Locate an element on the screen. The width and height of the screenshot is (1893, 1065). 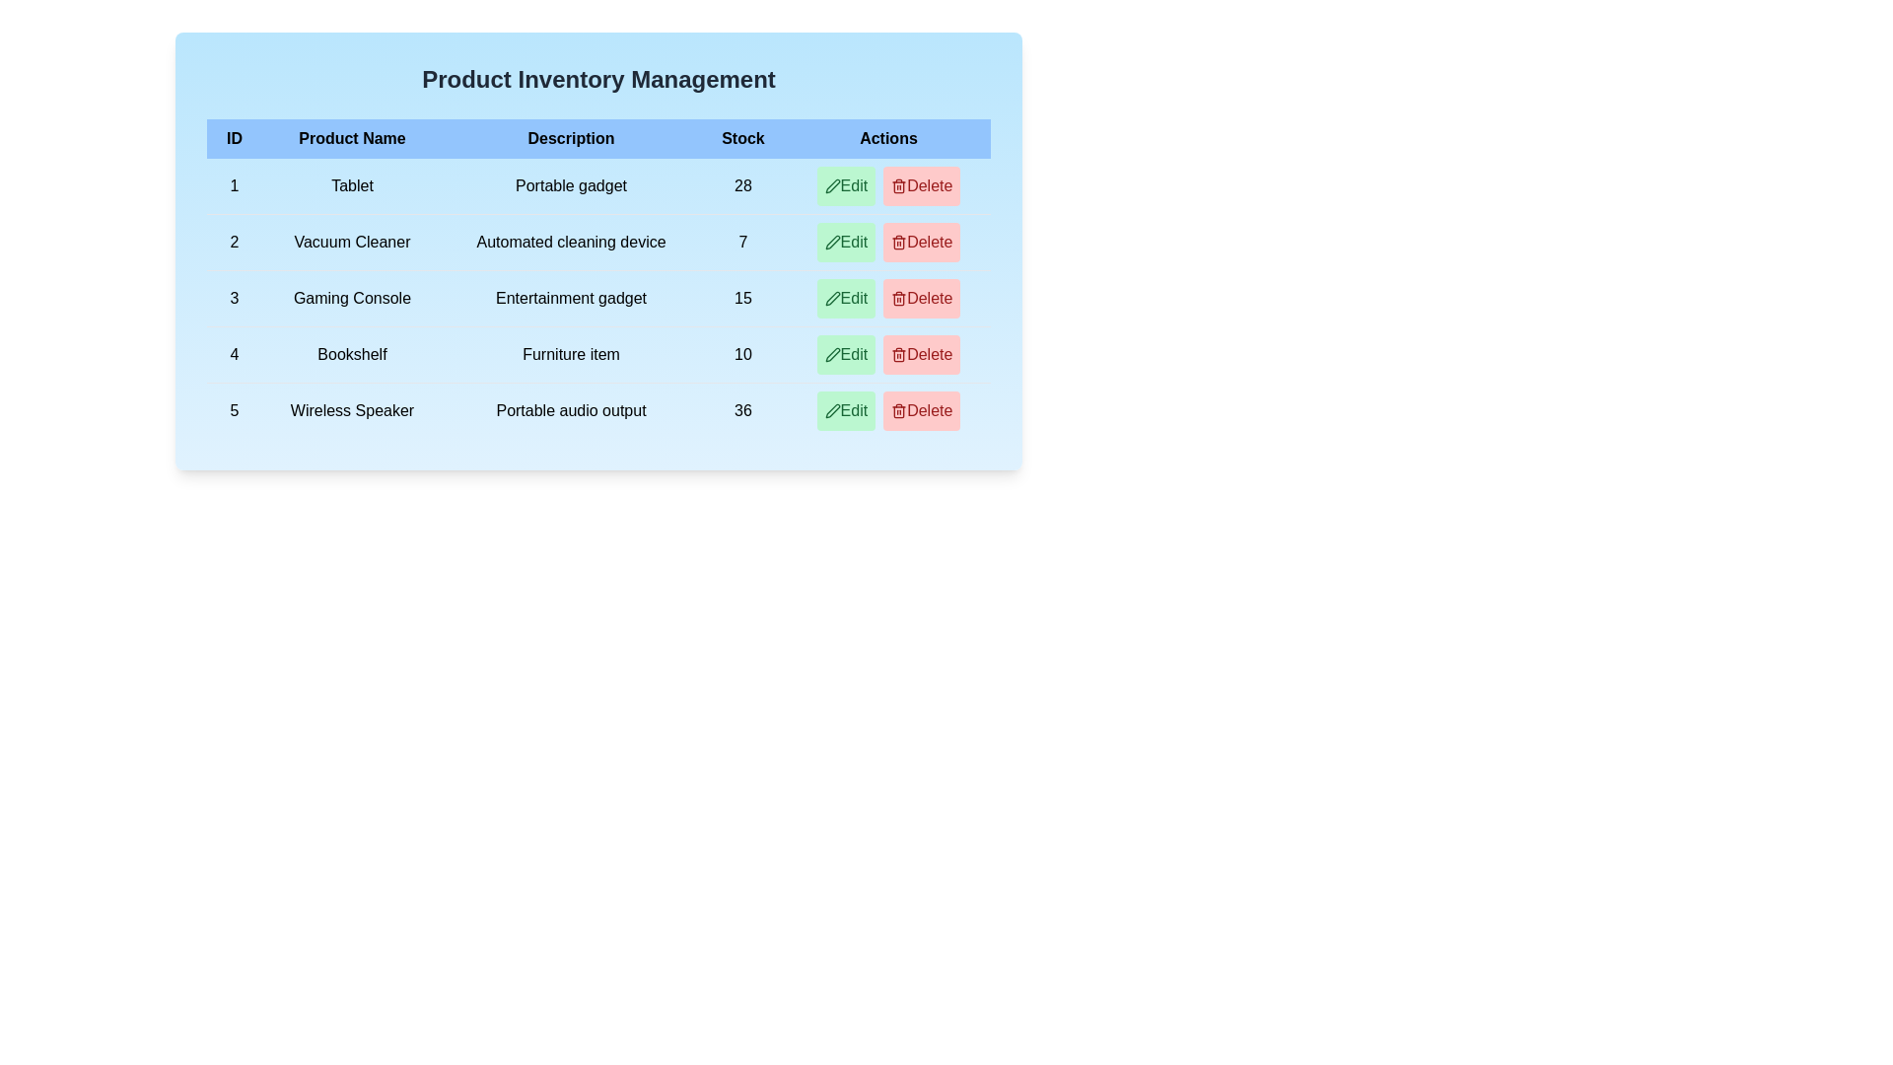
the 'Edit' button in the Composite component located in the second row of the table under the 'Actions' column for the 'Vacuum Cleaner' product is located at coordinates (887, 242).